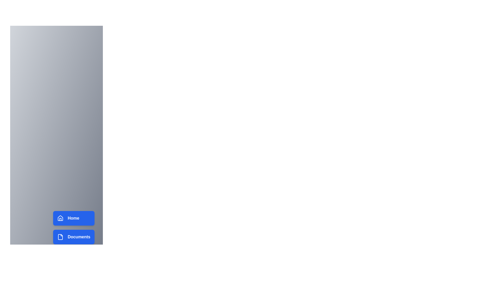  What do you see at coordinates (60, 218) in the screenshot?
I see `the 'Home' button containing the house-shaped icon to trigger navigation` at bounding box center [60, 218].